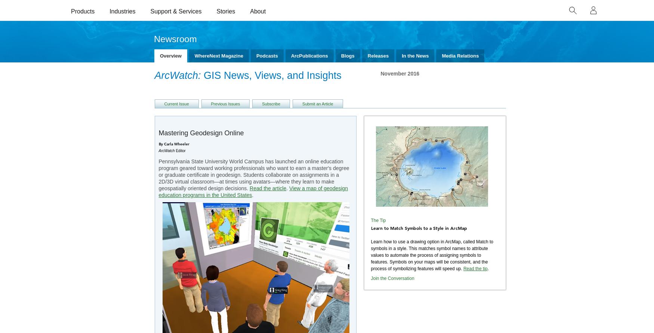 The image size is (654, 333). I want to click on 'About', so click(258, 11).